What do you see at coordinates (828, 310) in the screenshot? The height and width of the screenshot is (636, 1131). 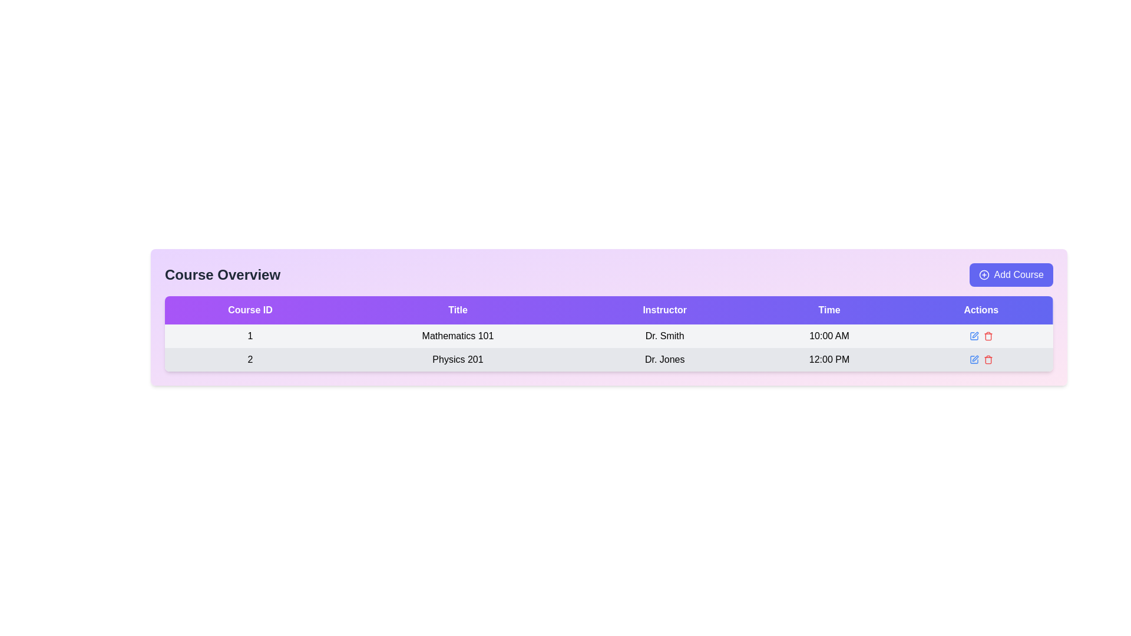 I see `the 'Time' column header text label, which is the fourth column header from the left in the table, positioned between the 'Instructor' and 'Actions' columns` at bounding box center [828, 310].